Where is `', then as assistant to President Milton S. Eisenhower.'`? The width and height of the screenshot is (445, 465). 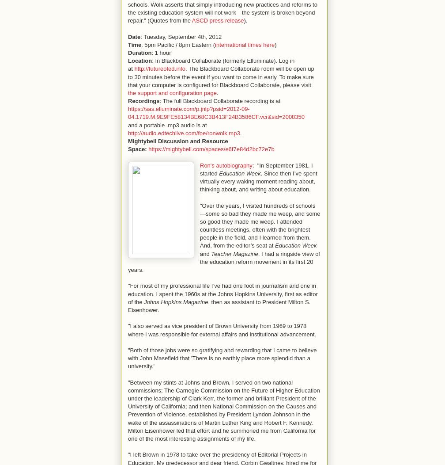
', then as assistant to President Milton S. Eisenhower.' is located at coordinates (219, 305).